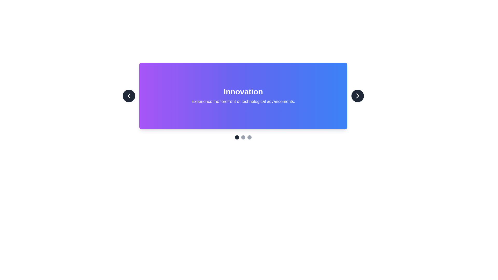  Describe the element at coordinates (243, 137) in the screenshot. I see `the second small button or indicator in the row of three circles below the text box` at that location.